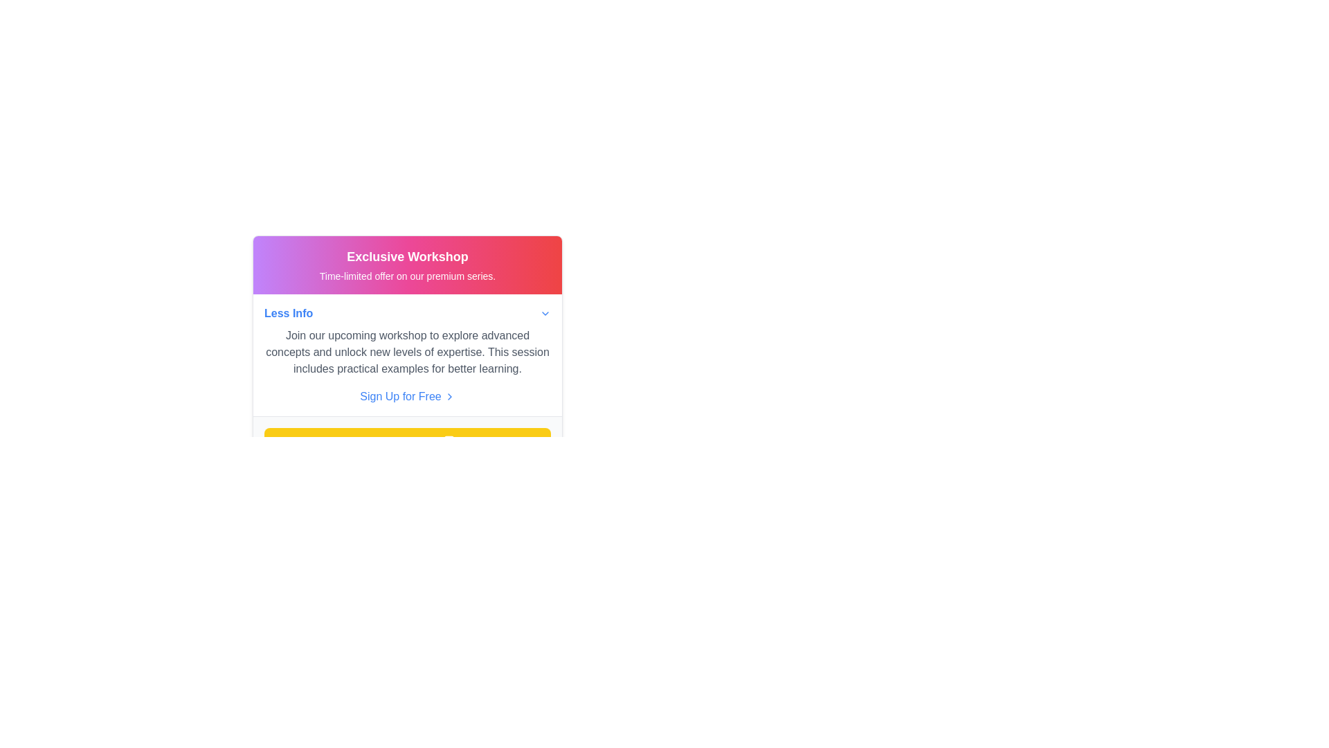 The width and height of the screenshot is (1329, 748). I want to click on the clickable hyperlink styled as a button located underneath the workshop details, so click(407, 397).